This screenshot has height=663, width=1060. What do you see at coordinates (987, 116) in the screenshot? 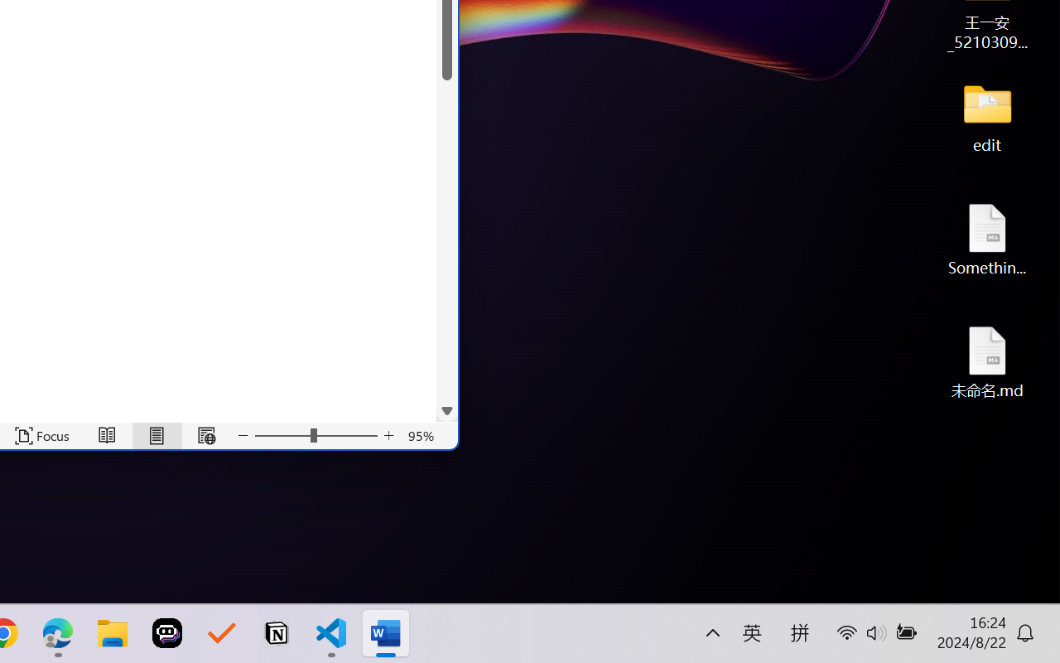
I see `'edit'` at bounding box center [987, 116].